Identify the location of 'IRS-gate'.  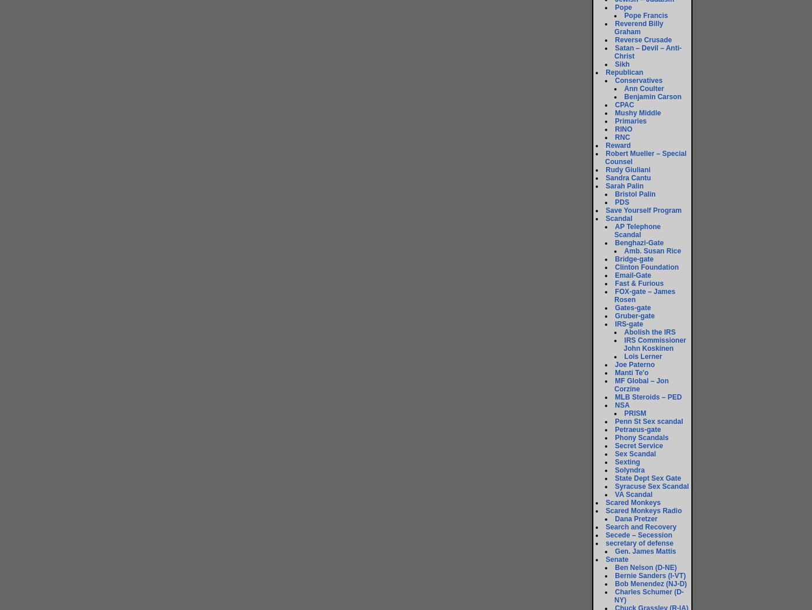
(629, 324).